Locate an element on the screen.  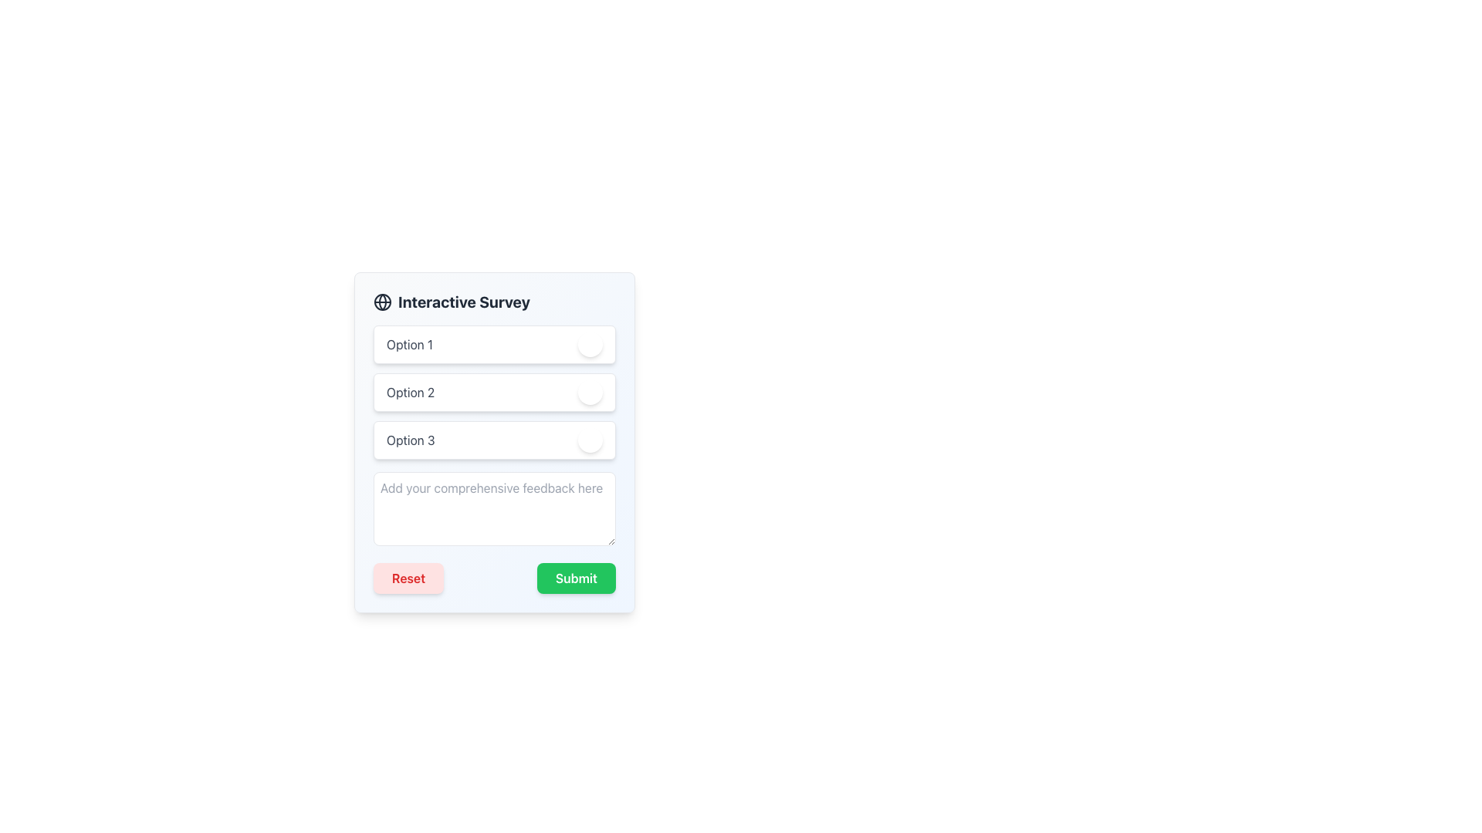
the 'Submit' button located at the bottom-right of the panel is located at coordinates (575, 578).